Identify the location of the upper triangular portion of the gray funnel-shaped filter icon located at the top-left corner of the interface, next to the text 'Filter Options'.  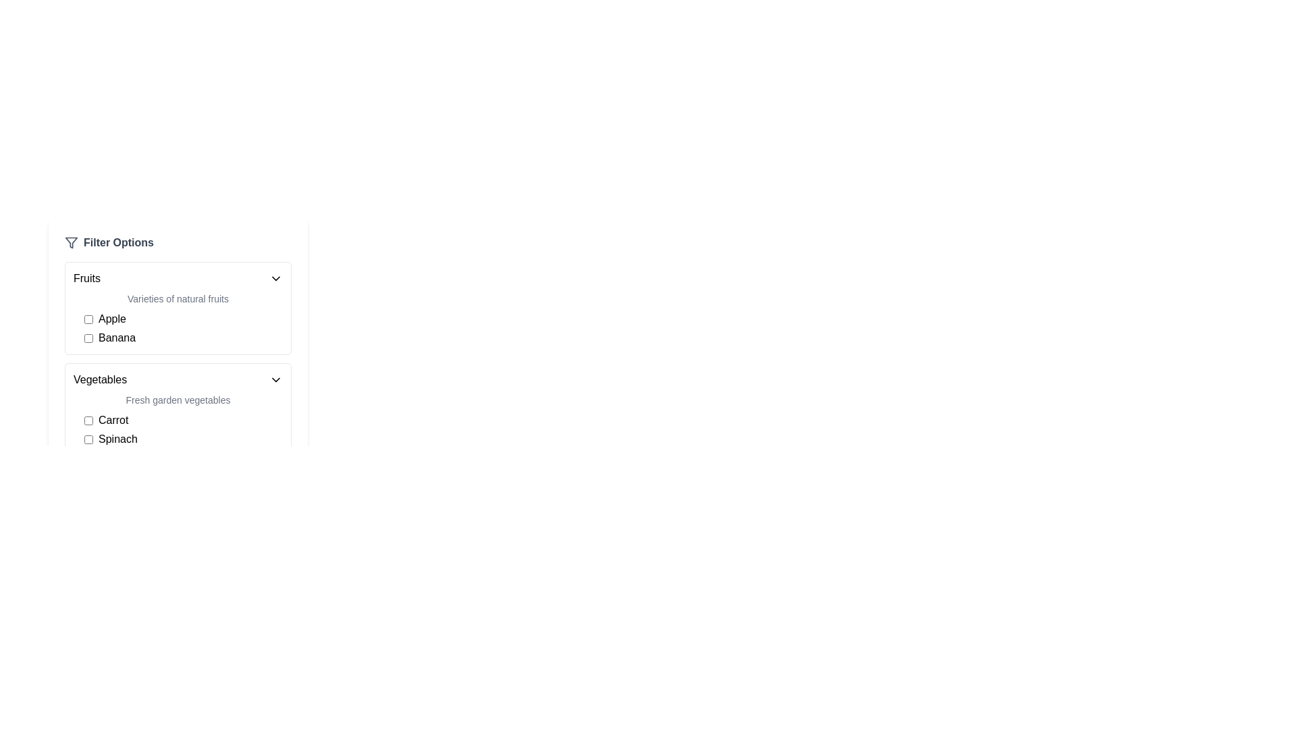
(70, 242).